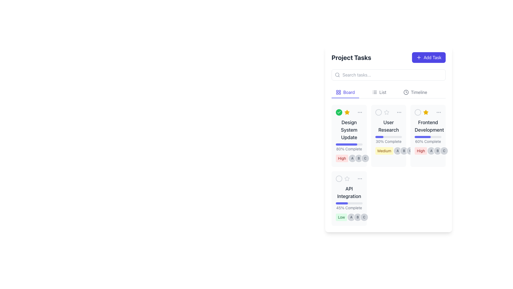 The width and height of the screenshot is (513, 289). What do you see at coordinates (341, 217) in the screenshot?
I see `the 'Low' badge with a light green background located at the bottom-left of the task card in the 'Project Tasks' interface` at bounding box center [341, 217].